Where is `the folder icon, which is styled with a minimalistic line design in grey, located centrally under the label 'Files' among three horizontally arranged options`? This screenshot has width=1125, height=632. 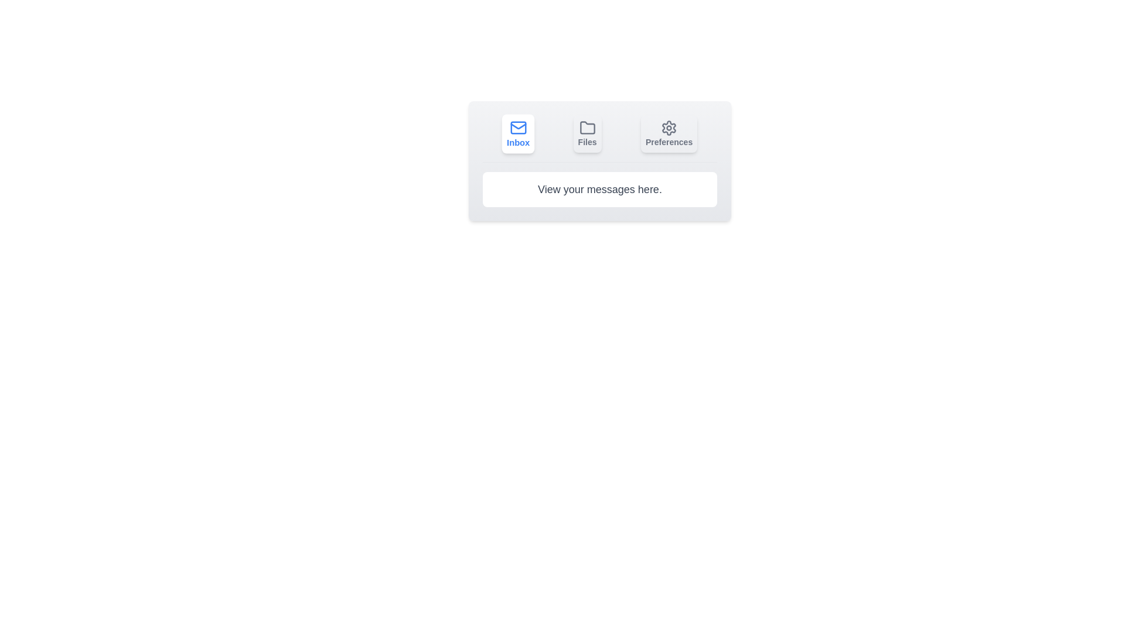 the folder icon, which is styled with a minimalistic line design in grey, located centrally under the label 'Files' among three horizontally arranged options is located at coordinates (587, 128).